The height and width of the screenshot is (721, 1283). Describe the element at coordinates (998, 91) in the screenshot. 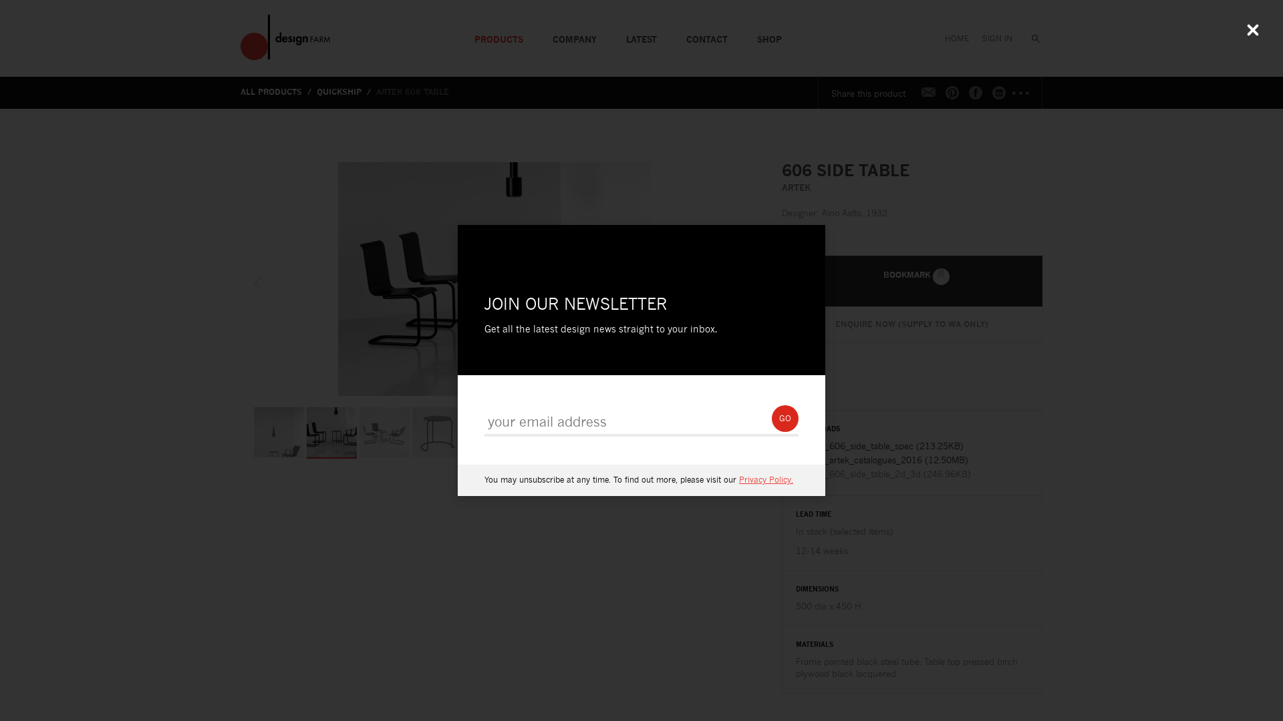

I see `'Share this on LinkedIn'` at that location.